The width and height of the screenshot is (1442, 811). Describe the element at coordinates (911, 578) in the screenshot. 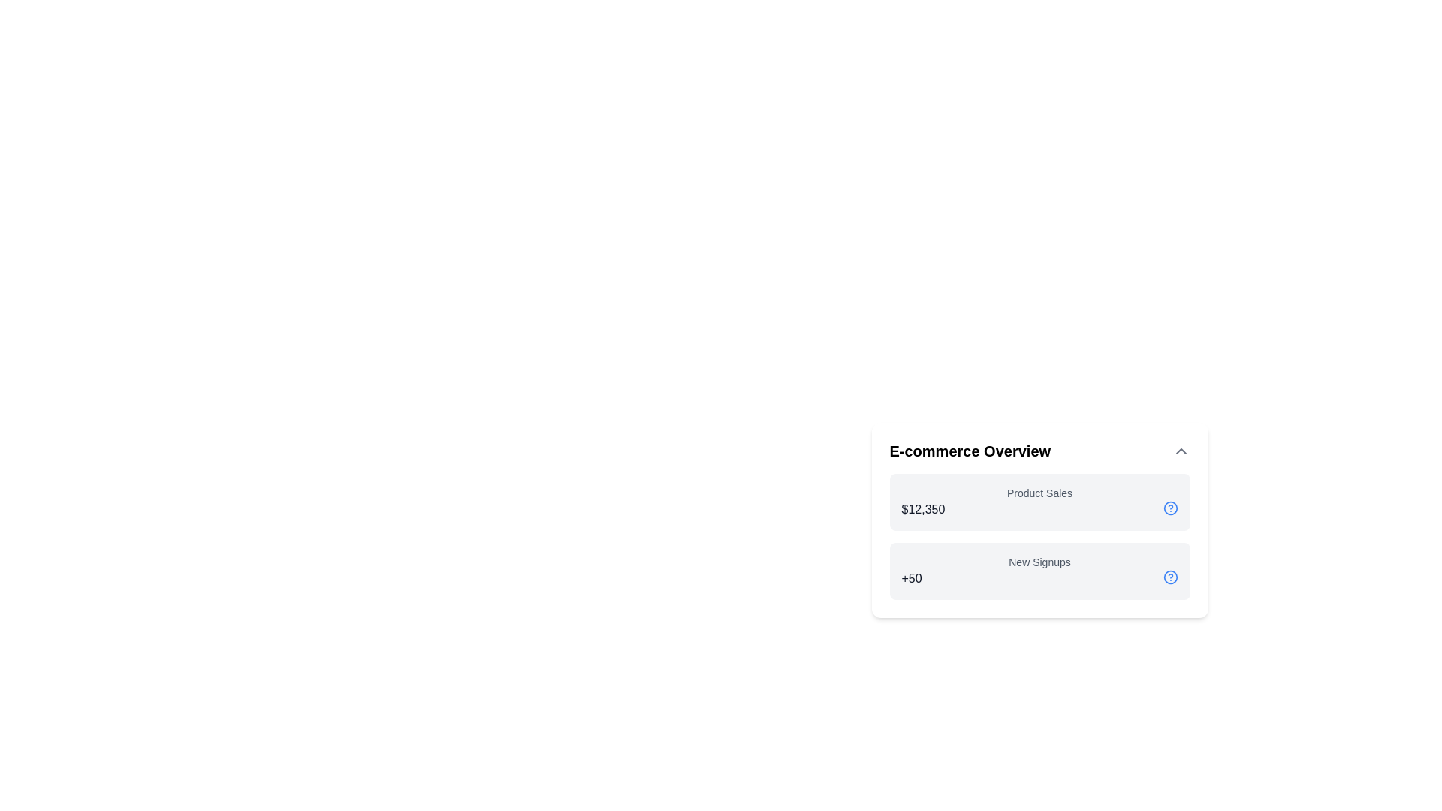

I see `the text label displaying '+50' in the 'New Signups' section of the 'E-commerce Overview' card` at that location.